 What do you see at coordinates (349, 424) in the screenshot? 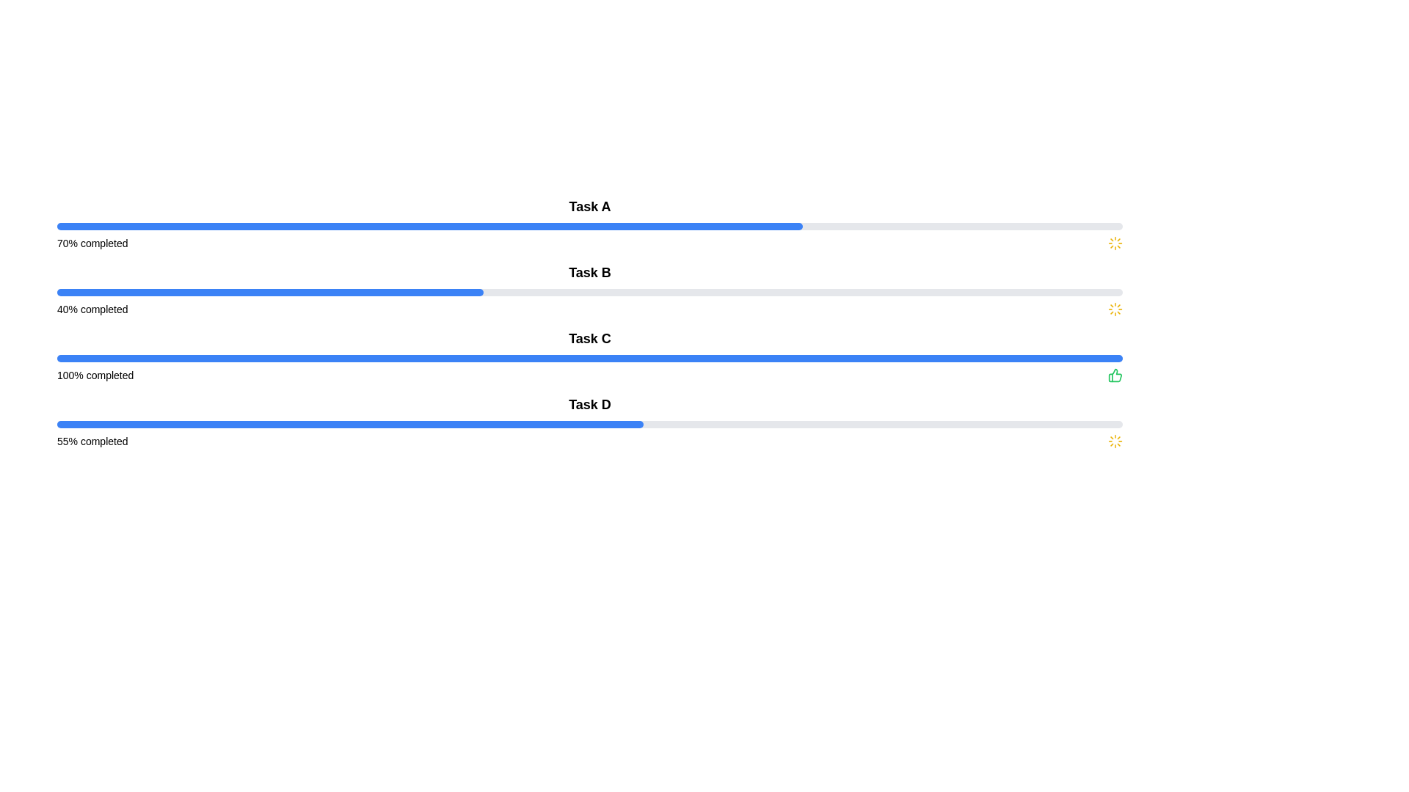
I see `the filled portion of the progress bar located below the 'Task D' label, which is styled with a blue fill covering 55% of its width, for visual feedback` at bounding box center [349, 424].